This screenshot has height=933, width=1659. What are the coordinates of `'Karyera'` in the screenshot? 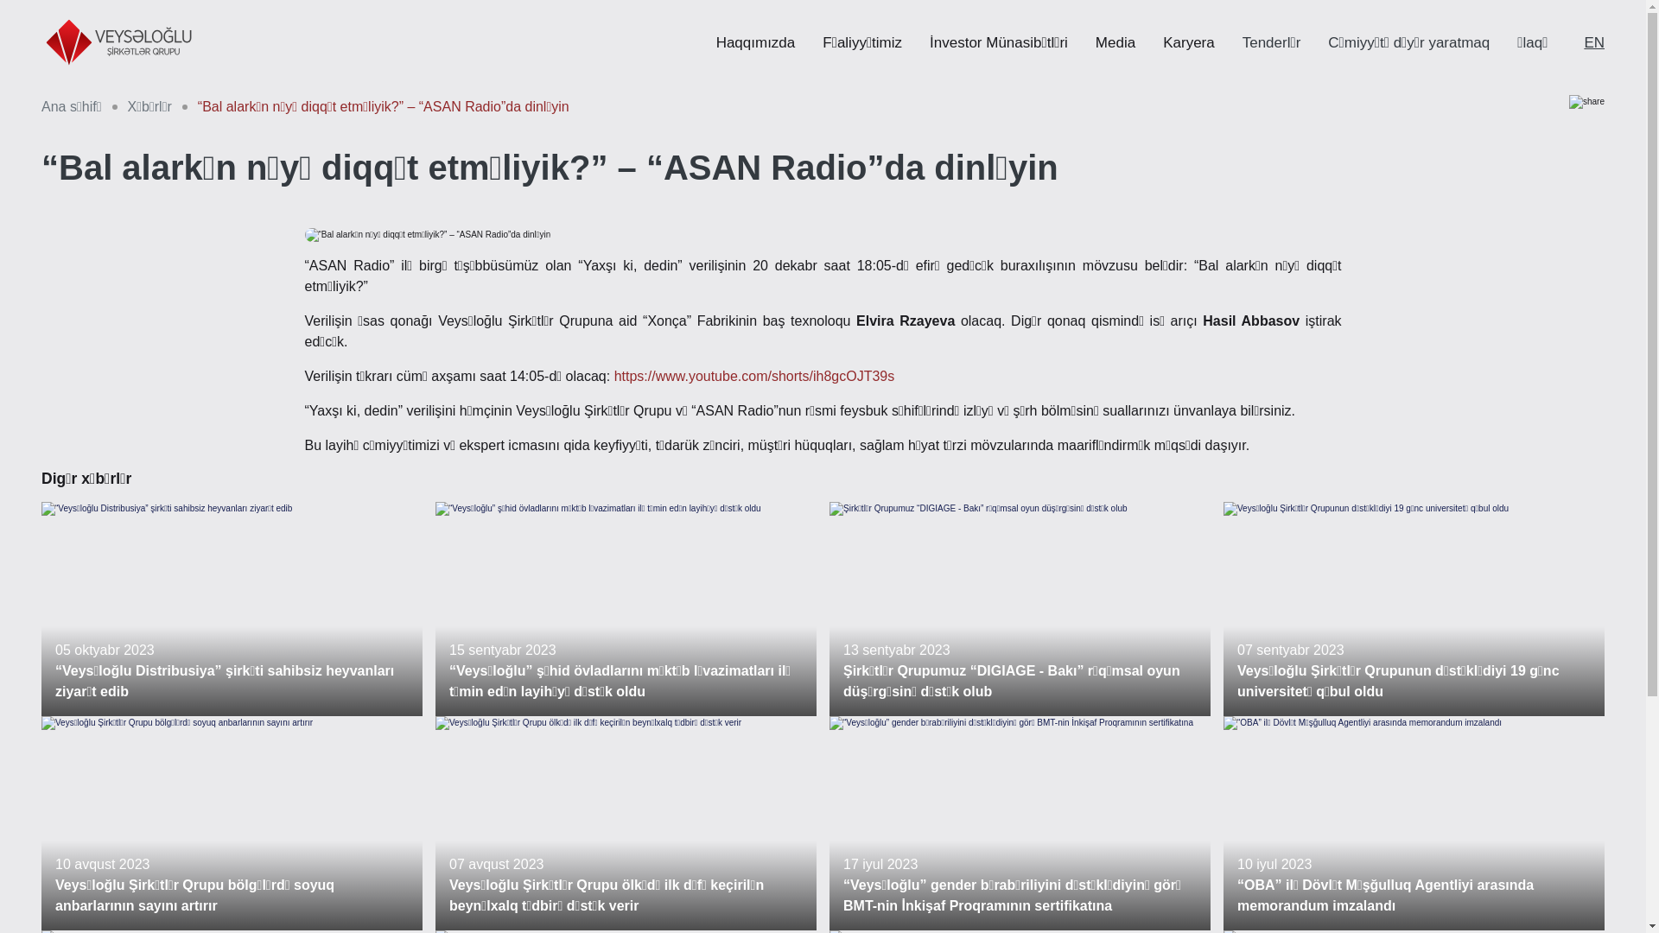 It's located at (1162, 41).